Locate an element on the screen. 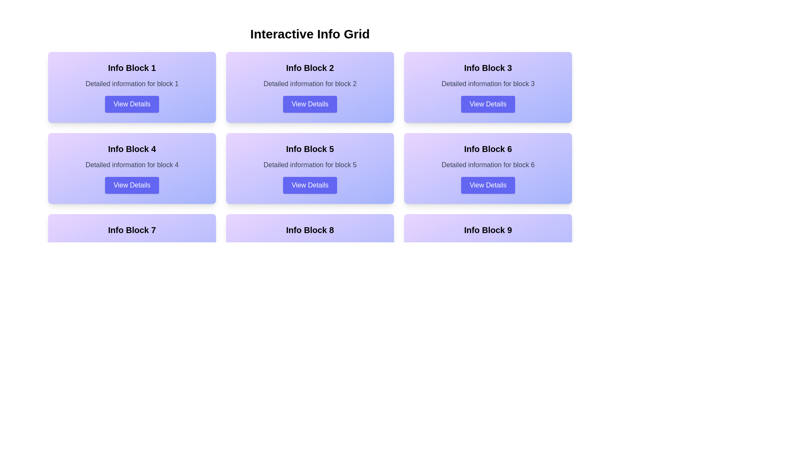  the text display that shows 'Detailed information for block 3', which is located beneath 'Info Block 3' and above the 'View Details' button in the info card at the top row, third column is located at coordinates (488, 84).